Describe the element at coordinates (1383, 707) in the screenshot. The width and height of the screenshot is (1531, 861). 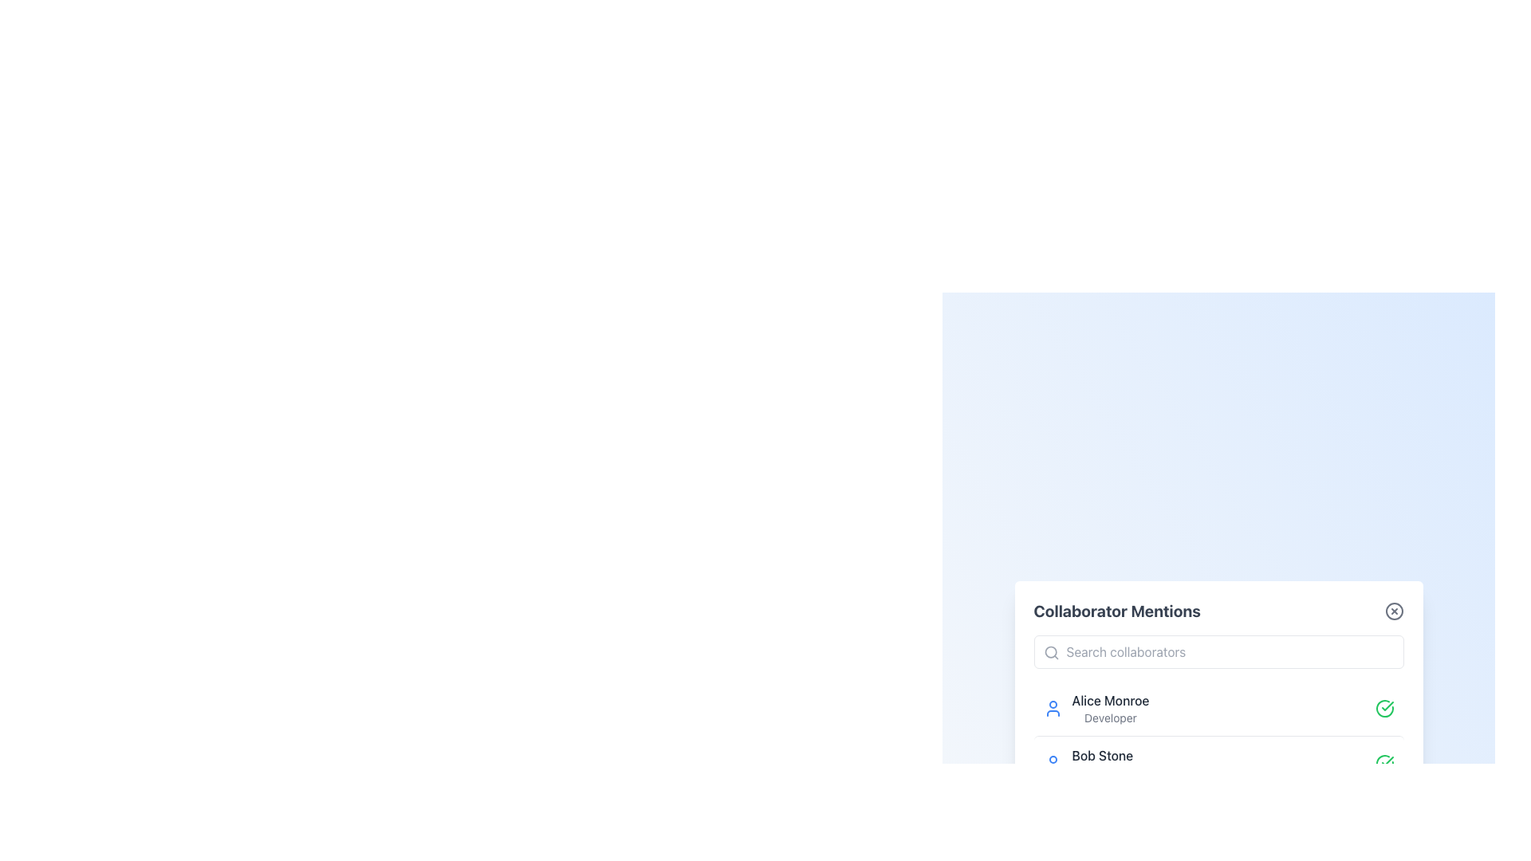
I see `the circular green check icon positioned to the far right of the entry labeled 'Alice Monroe Developer'` at that location.